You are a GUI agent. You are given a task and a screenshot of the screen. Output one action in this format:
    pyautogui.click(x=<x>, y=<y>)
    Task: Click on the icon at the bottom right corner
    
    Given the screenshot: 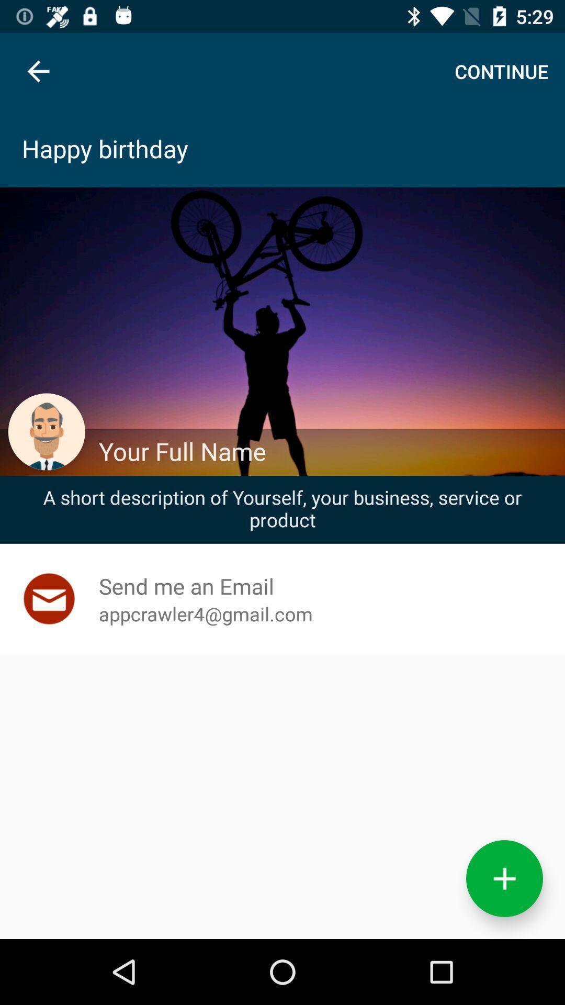 What is the action you would take?
    pyautogui.click(x=504, y=878)
    